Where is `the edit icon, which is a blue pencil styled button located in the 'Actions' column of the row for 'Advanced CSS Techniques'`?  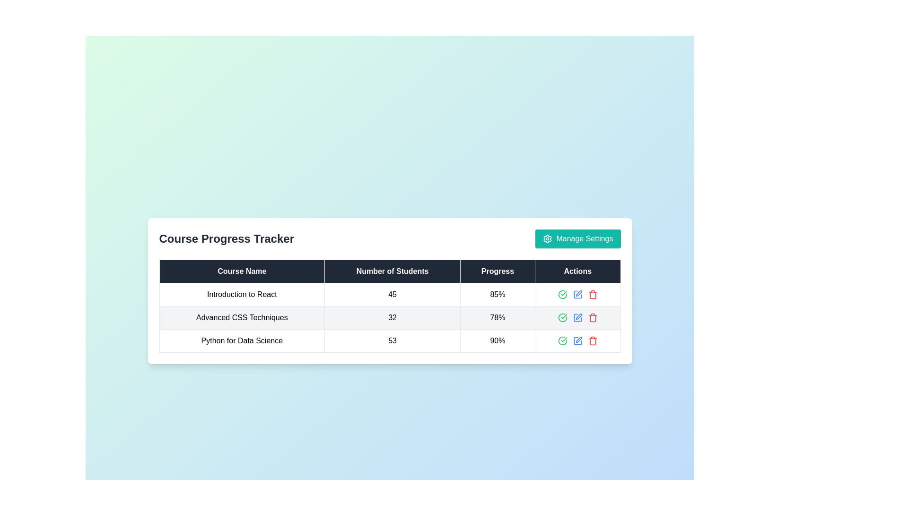
the edit icon, which is a blue pencil styled button located in the 'Actions' column of the row for 'Advanced CSS Techniques' is located at coordinates (577, 317).